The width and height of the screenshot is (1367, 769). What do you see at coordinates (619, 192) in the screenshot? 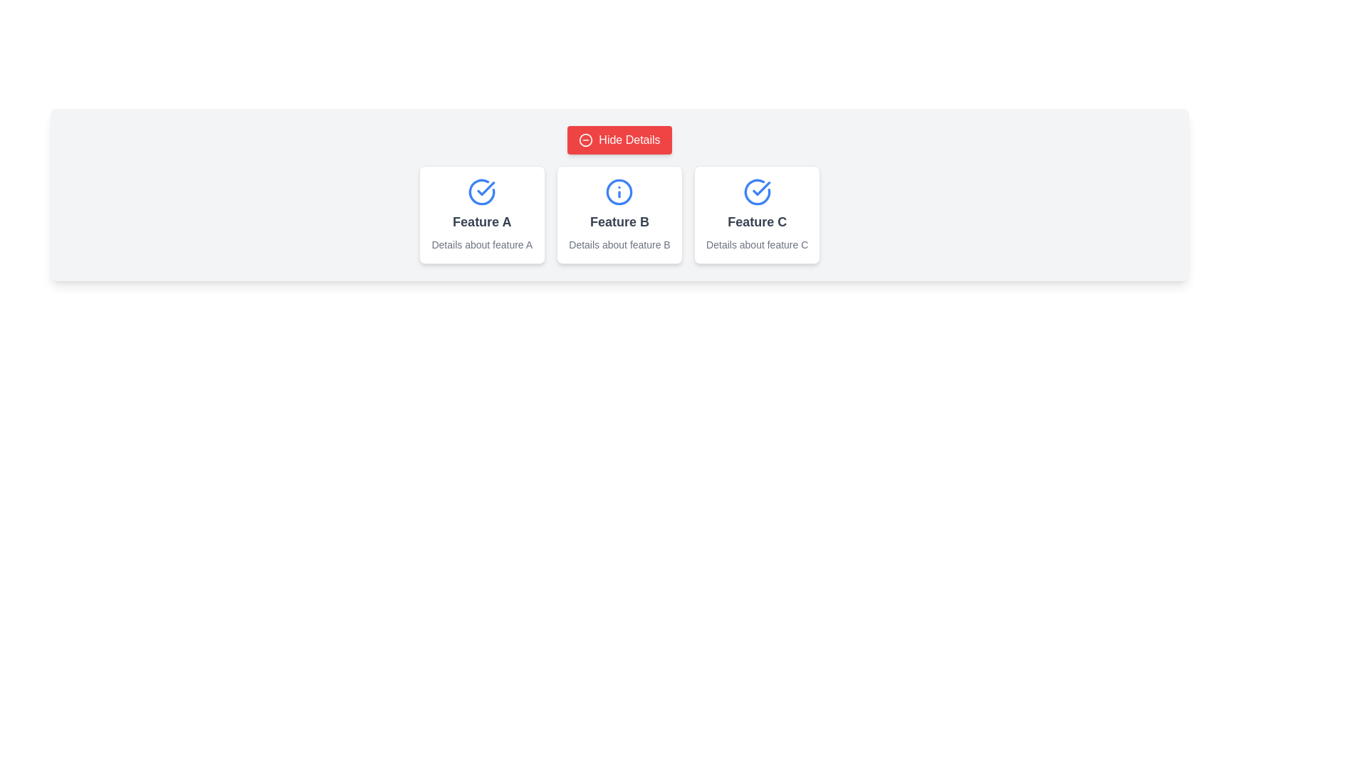
I see `the Informational icon, which is a blue circle with a lowercase 'i' inside, located at the top of the card labeled 'Feature B'` at bounding box center [619, 192].